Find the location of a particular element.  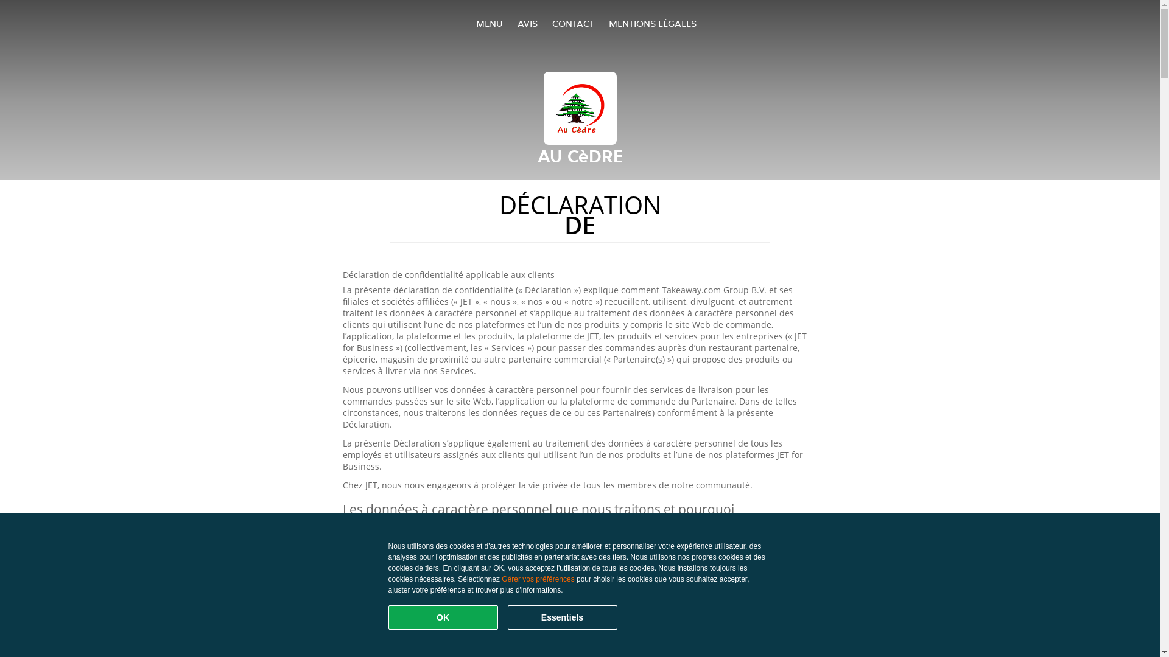

'OK' is located at coordinates (443, 617).